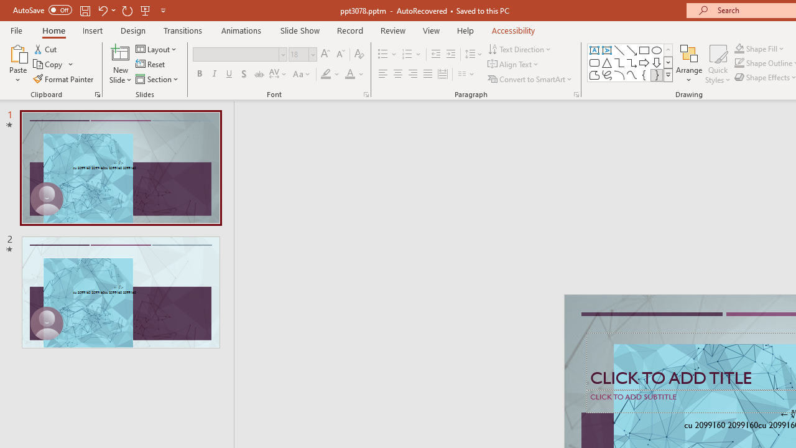 Image resolution: width=796 pixels, height=448 pixels. Describe the element at coordinates (53, 64) in the screenshot. I see `'Copy'` at that location.